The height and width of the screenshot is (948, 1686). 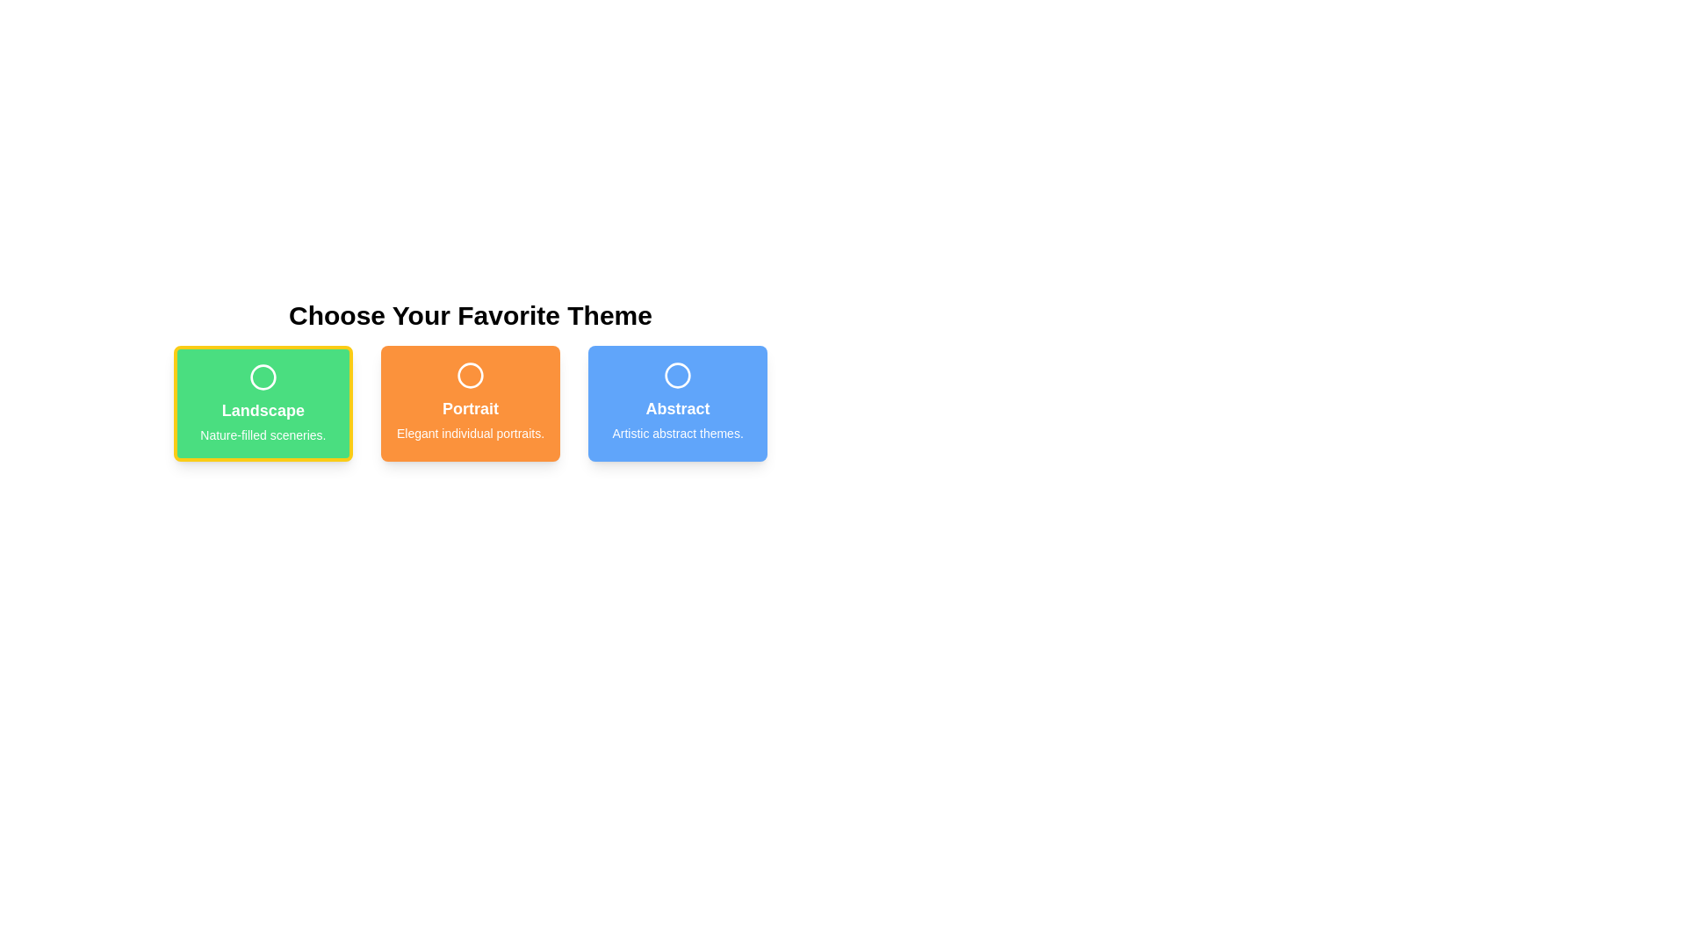 What do you see at coordinates (471, 403) in the screenshot?
I see `the 'Portrait' theme card, which is the second card in the 'Choose Your Favorite Theme' section` at bounding box center [471, 403].